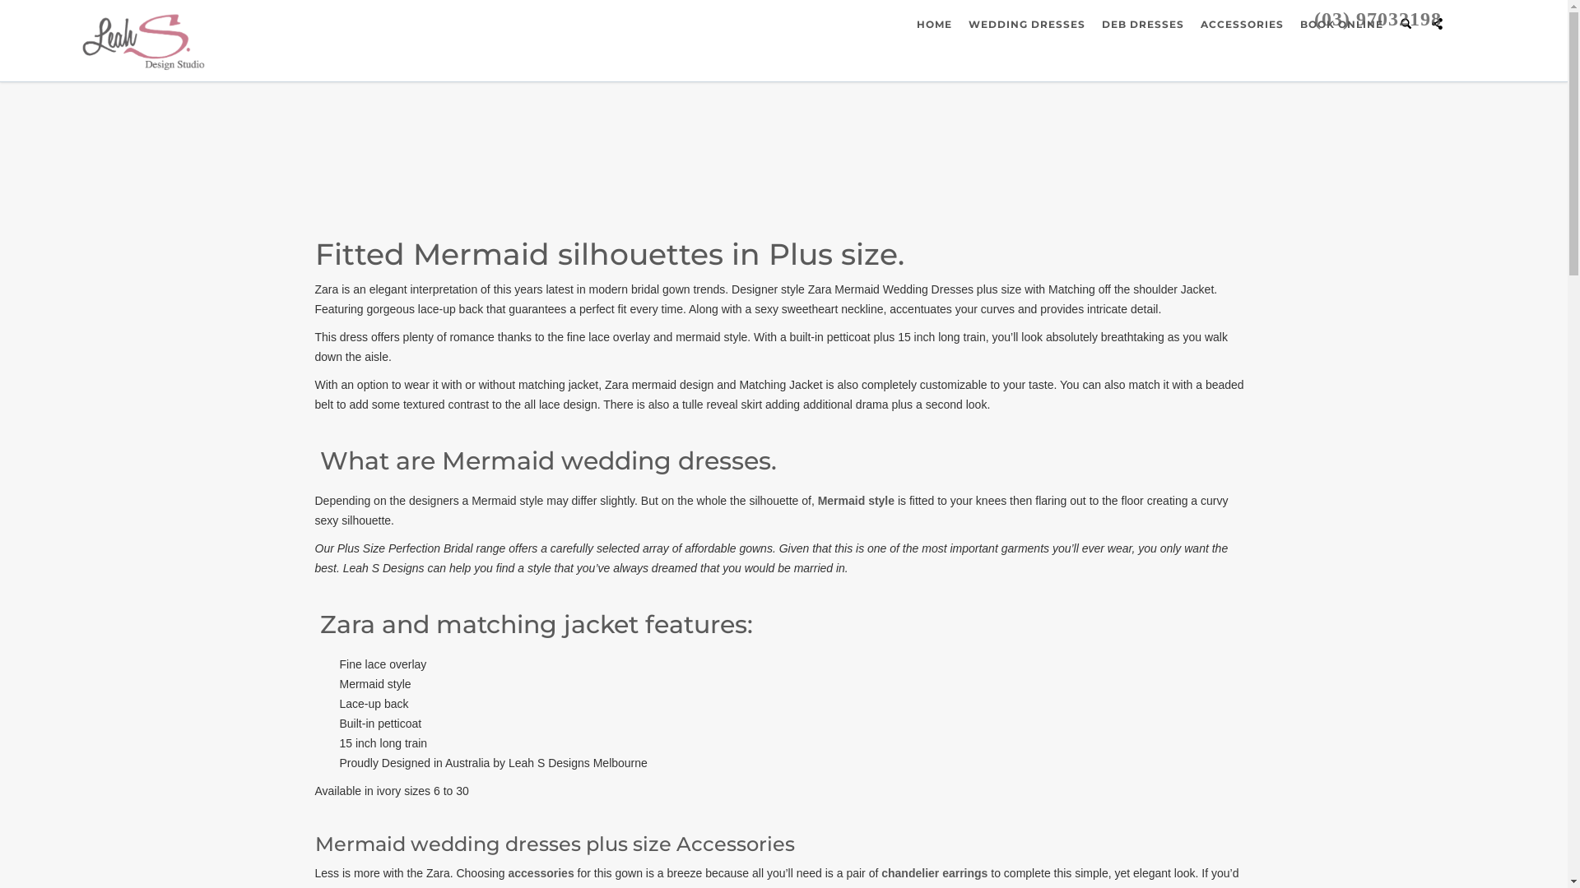 The image size is (1580, 888). Describe the element at coordinates (1242, 25) in the screenshot. I see `'ACCESSORIES'` at that location.